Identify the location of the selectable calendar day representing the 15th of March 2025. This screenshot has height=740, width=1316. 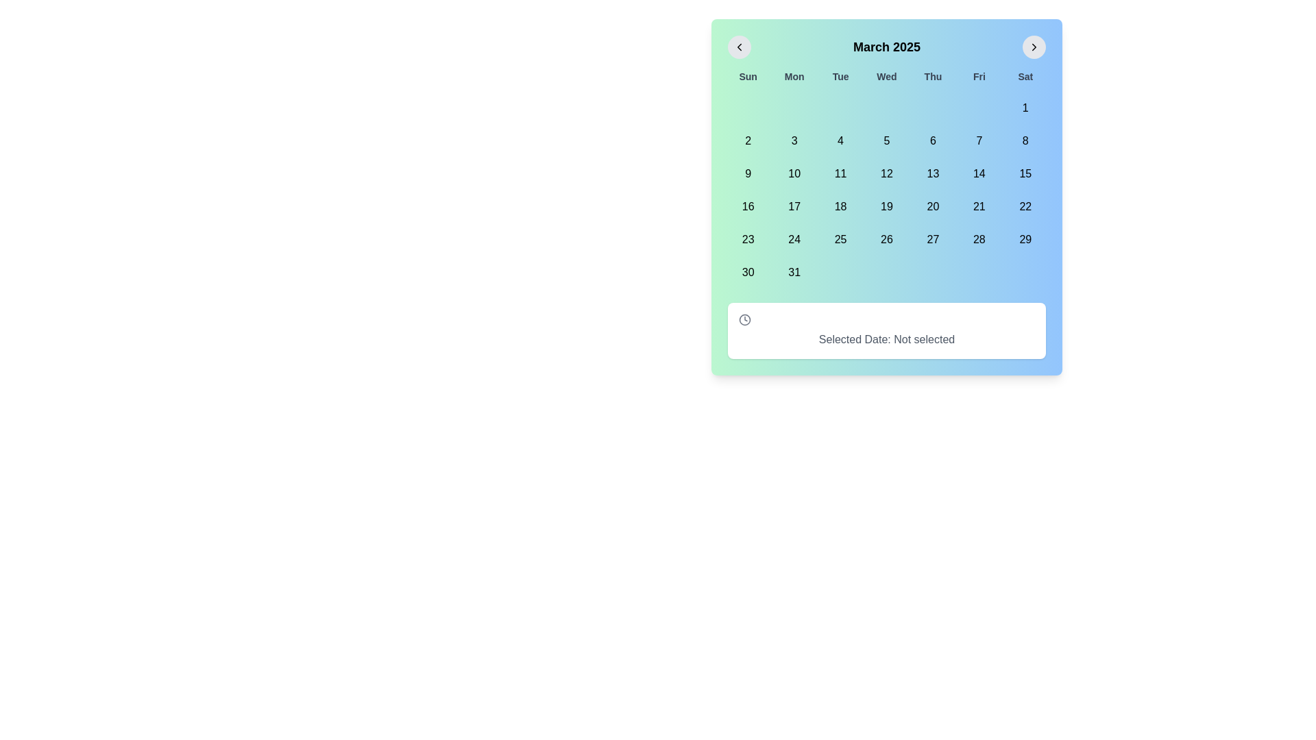
(1025, 173).